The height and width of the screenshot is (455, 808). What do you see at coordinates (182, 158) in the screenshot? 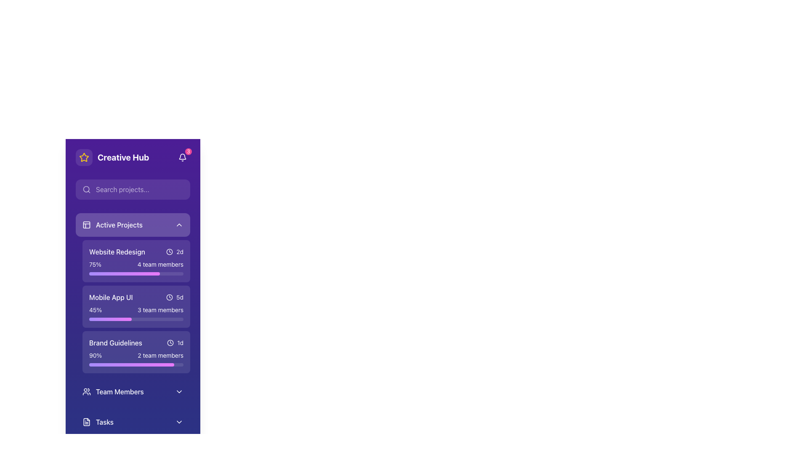
I see `the bell-shaped icon with a minimalist line-drawing design located at the top right section of the interface next to the header text 'Creative Hub'` at bounding box center [182, 158].